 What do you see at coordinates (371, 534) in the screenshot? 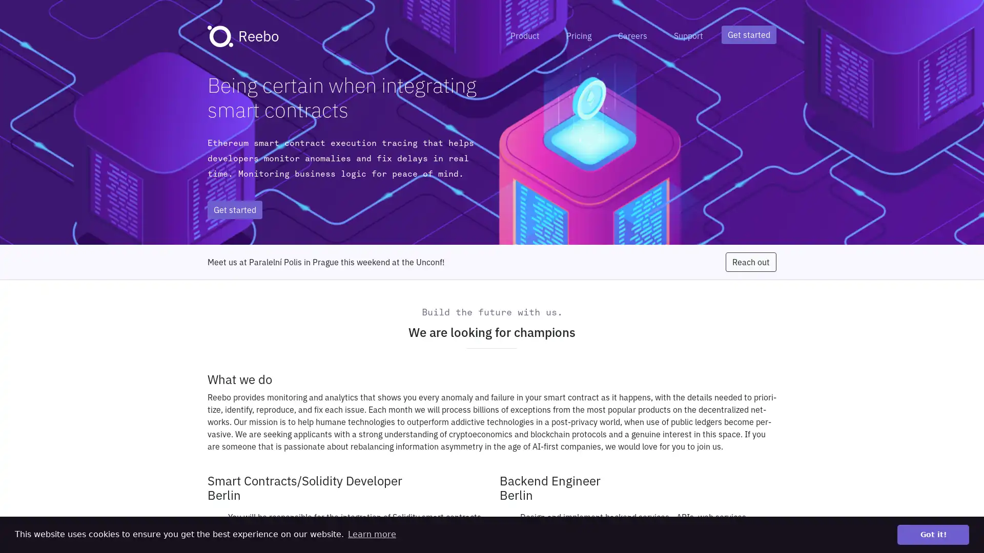
I see `learn more about cookies` at bounding box center [371, 534].